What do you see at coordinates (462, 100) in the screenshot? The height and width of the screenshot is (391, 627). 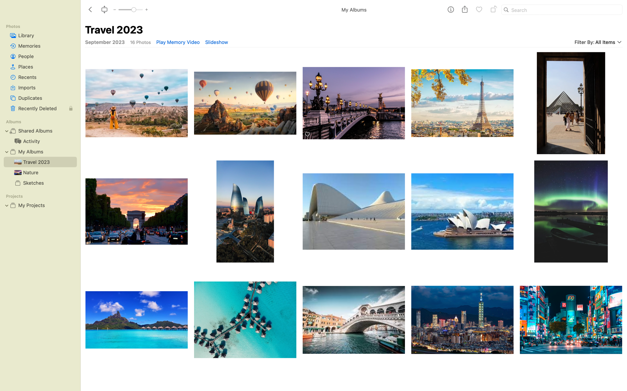 I see `Perform three rotations on the picture of the Louvre` at bounding box center [462, 100].